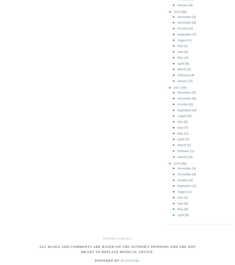 The image size is (235, 265). Describe the element at coordinates (183, 12) in the screenshot. I see `'(49)'` at that location.